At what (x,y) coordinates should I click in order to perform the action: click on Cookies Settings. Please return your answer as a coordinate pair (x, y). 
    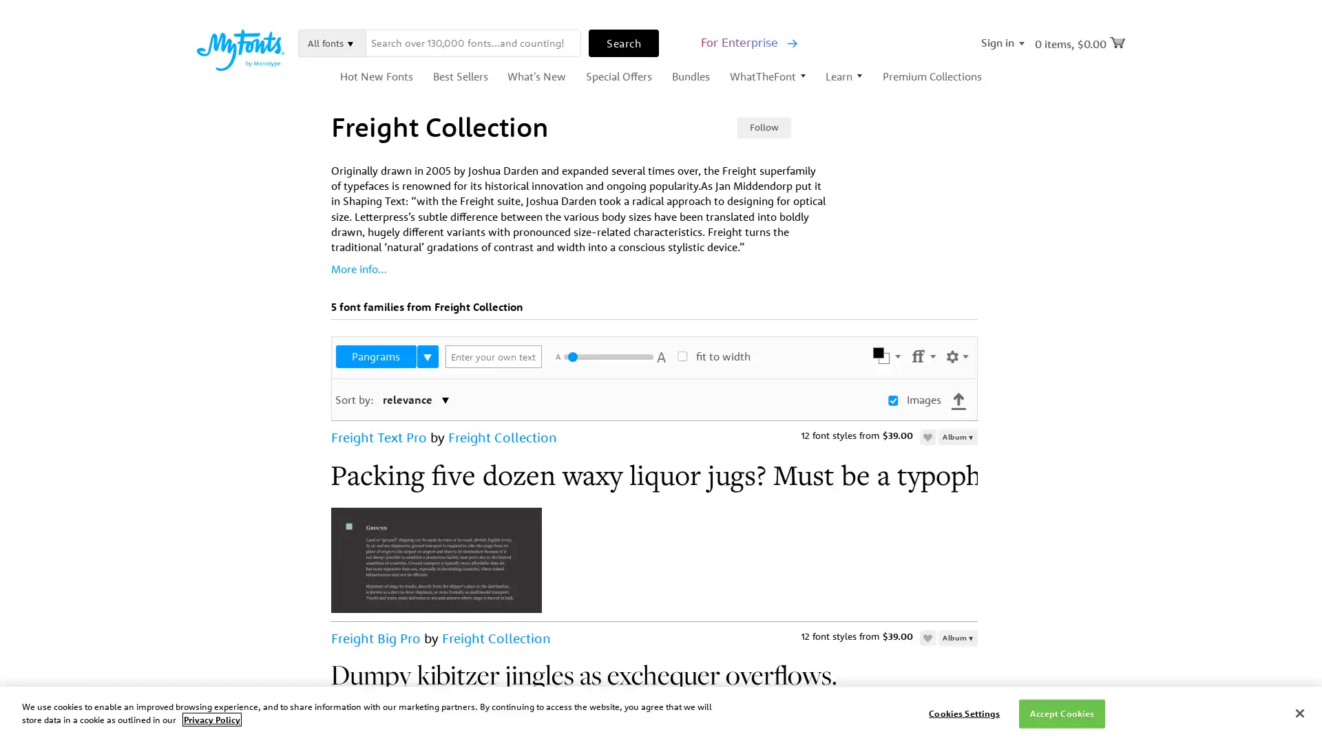
    Looking at the image, I should click on (963, 713).